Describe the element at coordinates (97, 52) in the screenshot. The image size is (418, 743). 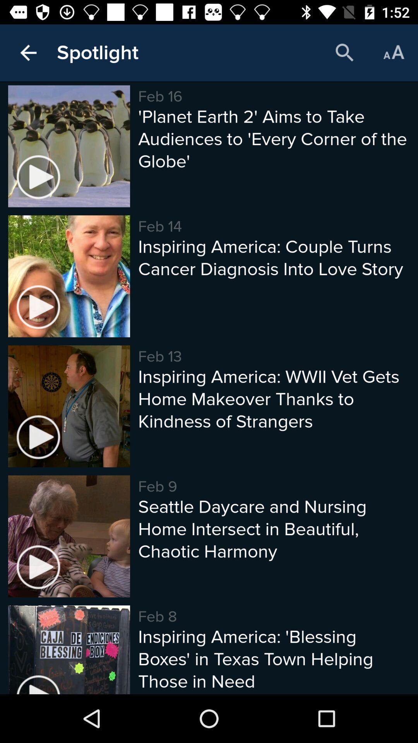
I see `spotlight` at that location.